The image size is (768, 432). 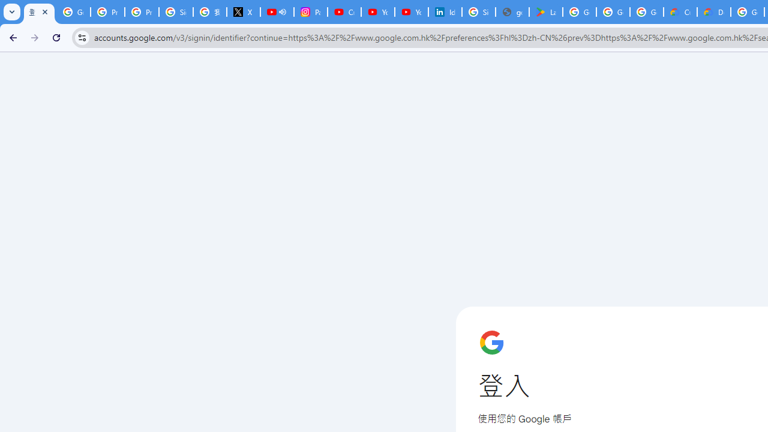 What do you see at coordinates (142, 12) in the screenshot?
I see `'Privacy Help Center - Policies Help'` at bounding box center [142, 12].